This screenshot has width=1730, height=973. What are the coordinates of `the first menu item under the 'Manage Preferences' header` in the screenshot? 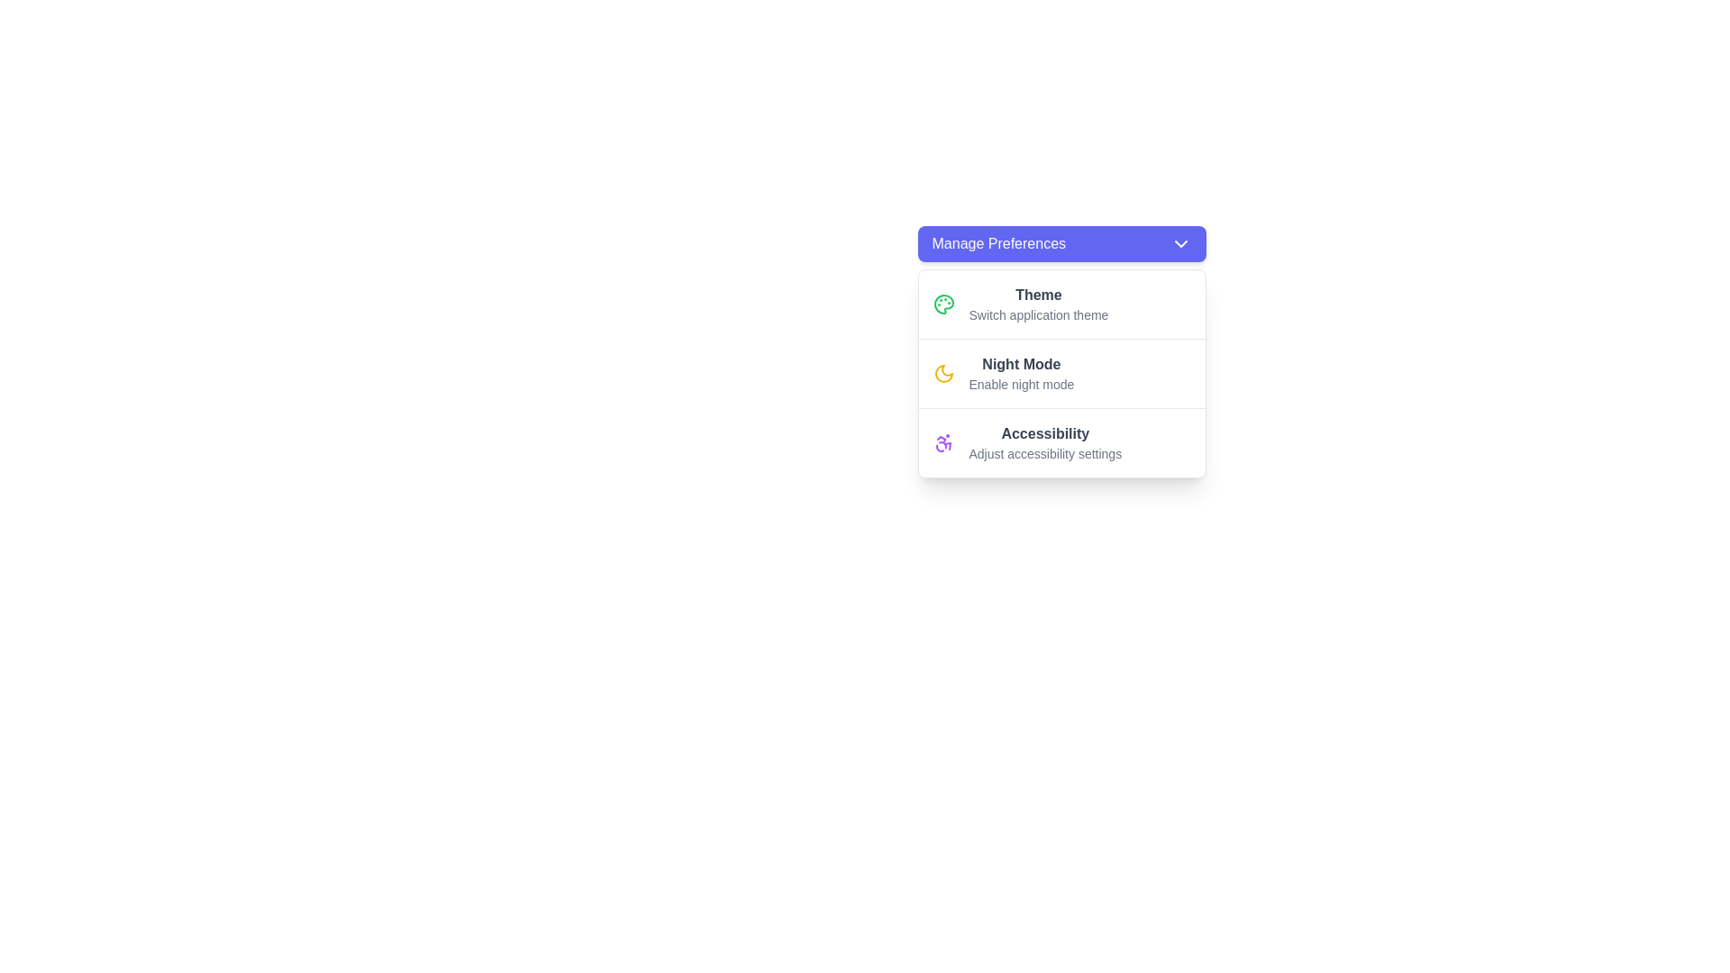 It's located at (1061, 304).